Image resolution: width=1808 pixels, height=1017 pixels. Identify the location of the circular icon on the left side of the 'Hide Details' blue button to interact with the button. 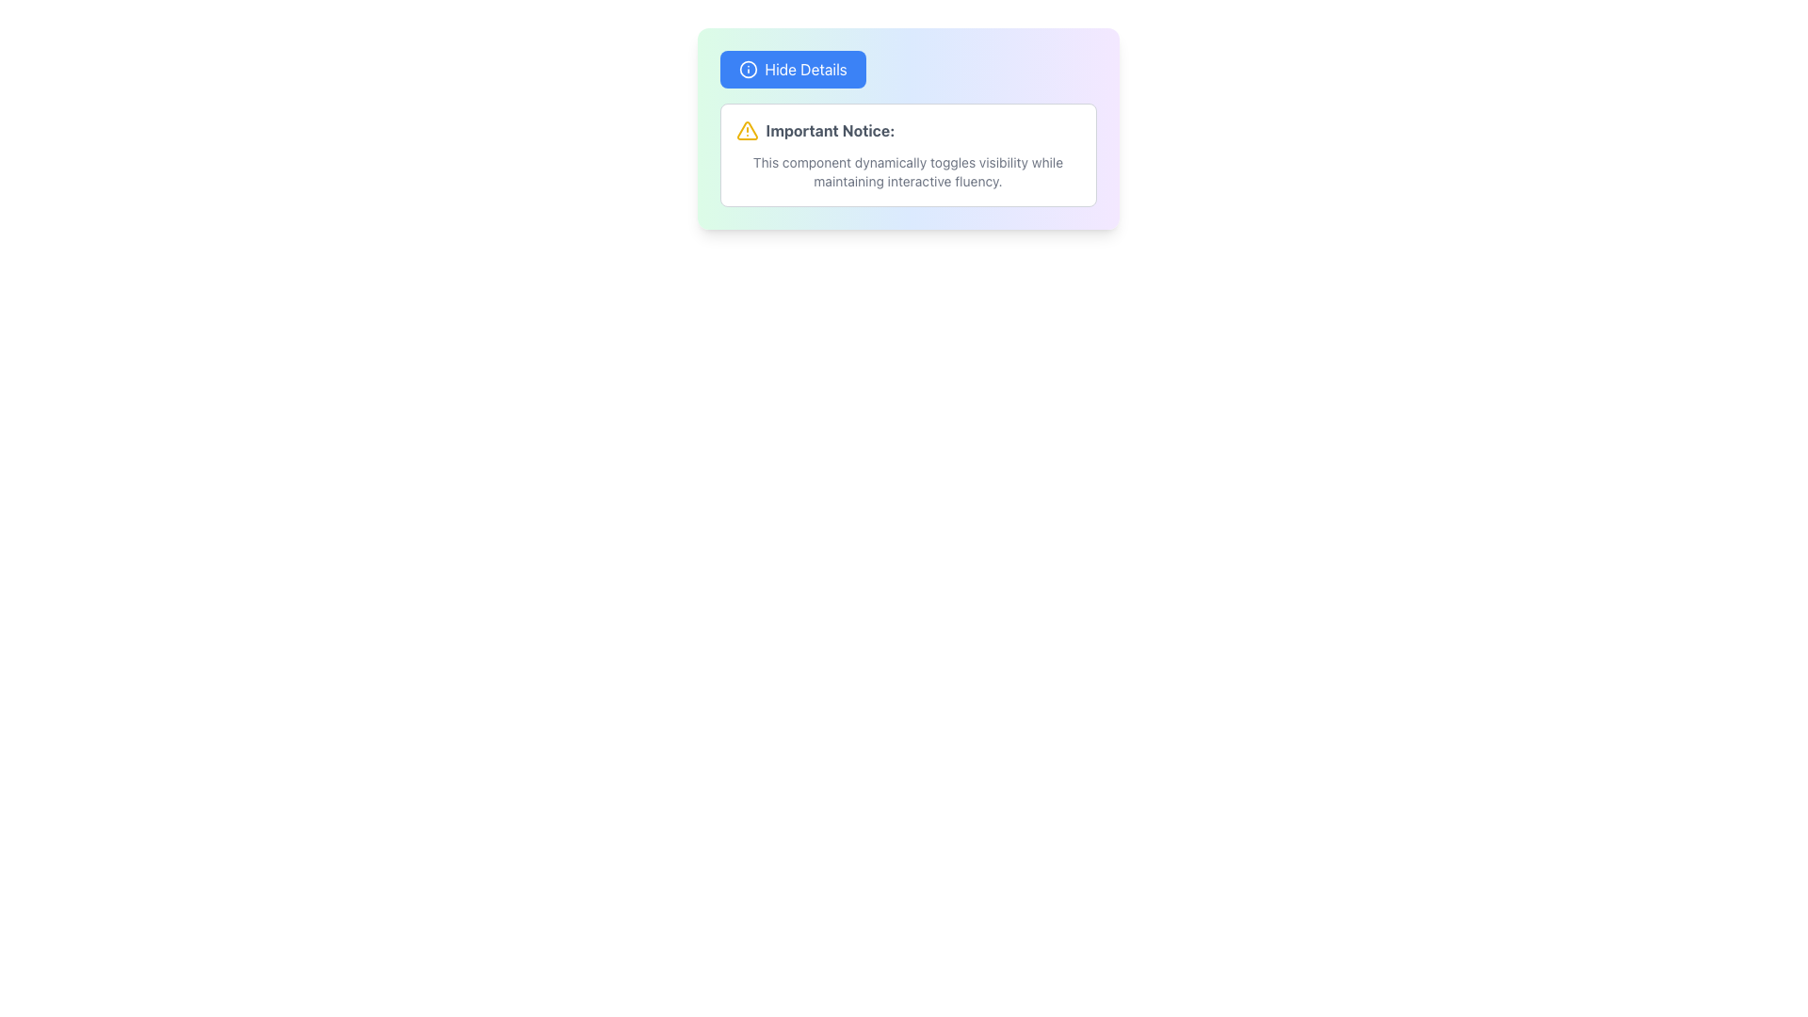
(747, 68).